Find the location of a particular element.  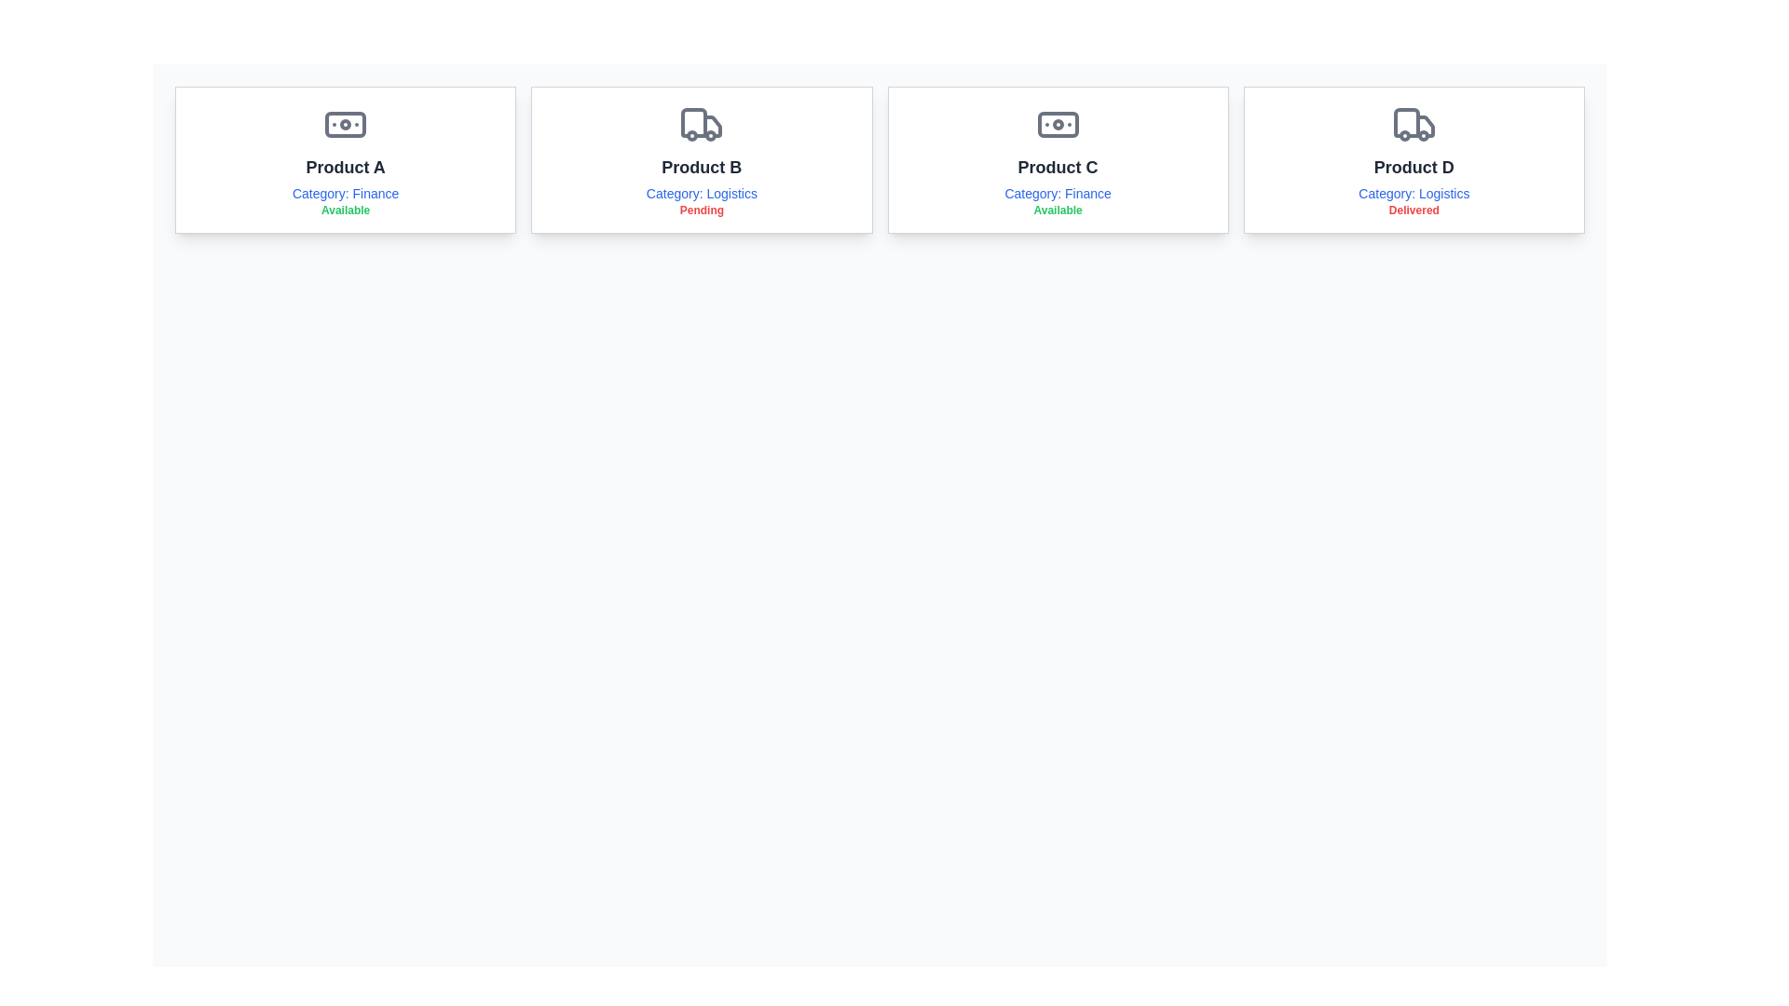

the banknote icon SVG graphic located in the upper section of the 'Product C' card, which is centered horizontally above the text 'Product C' is located at coordinates (1058, 125).